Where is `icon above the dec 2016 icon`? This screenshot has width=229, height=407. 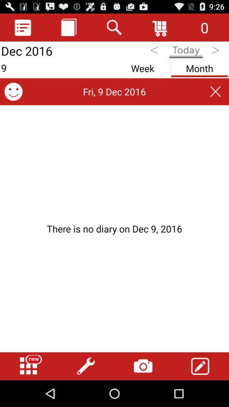 icon above the dec 2016 icon is located at coordinates (23, 27).